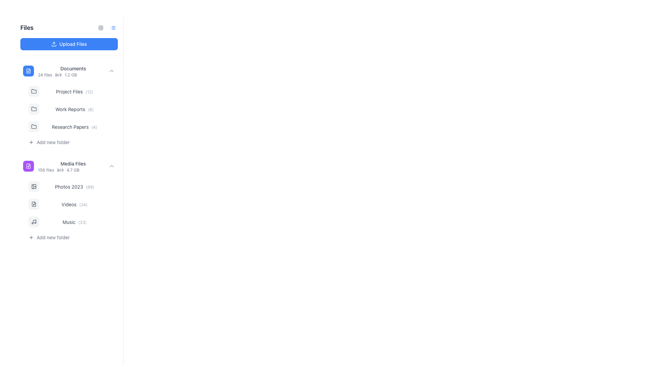 This screenshot has height=367, width=652. Describe the element at coordinates (34, 108) in the screenshot. I see `the folder icon representing 'Work Reports' located in the sidebar menu under the 'Work Reports (8)' group` at that location.